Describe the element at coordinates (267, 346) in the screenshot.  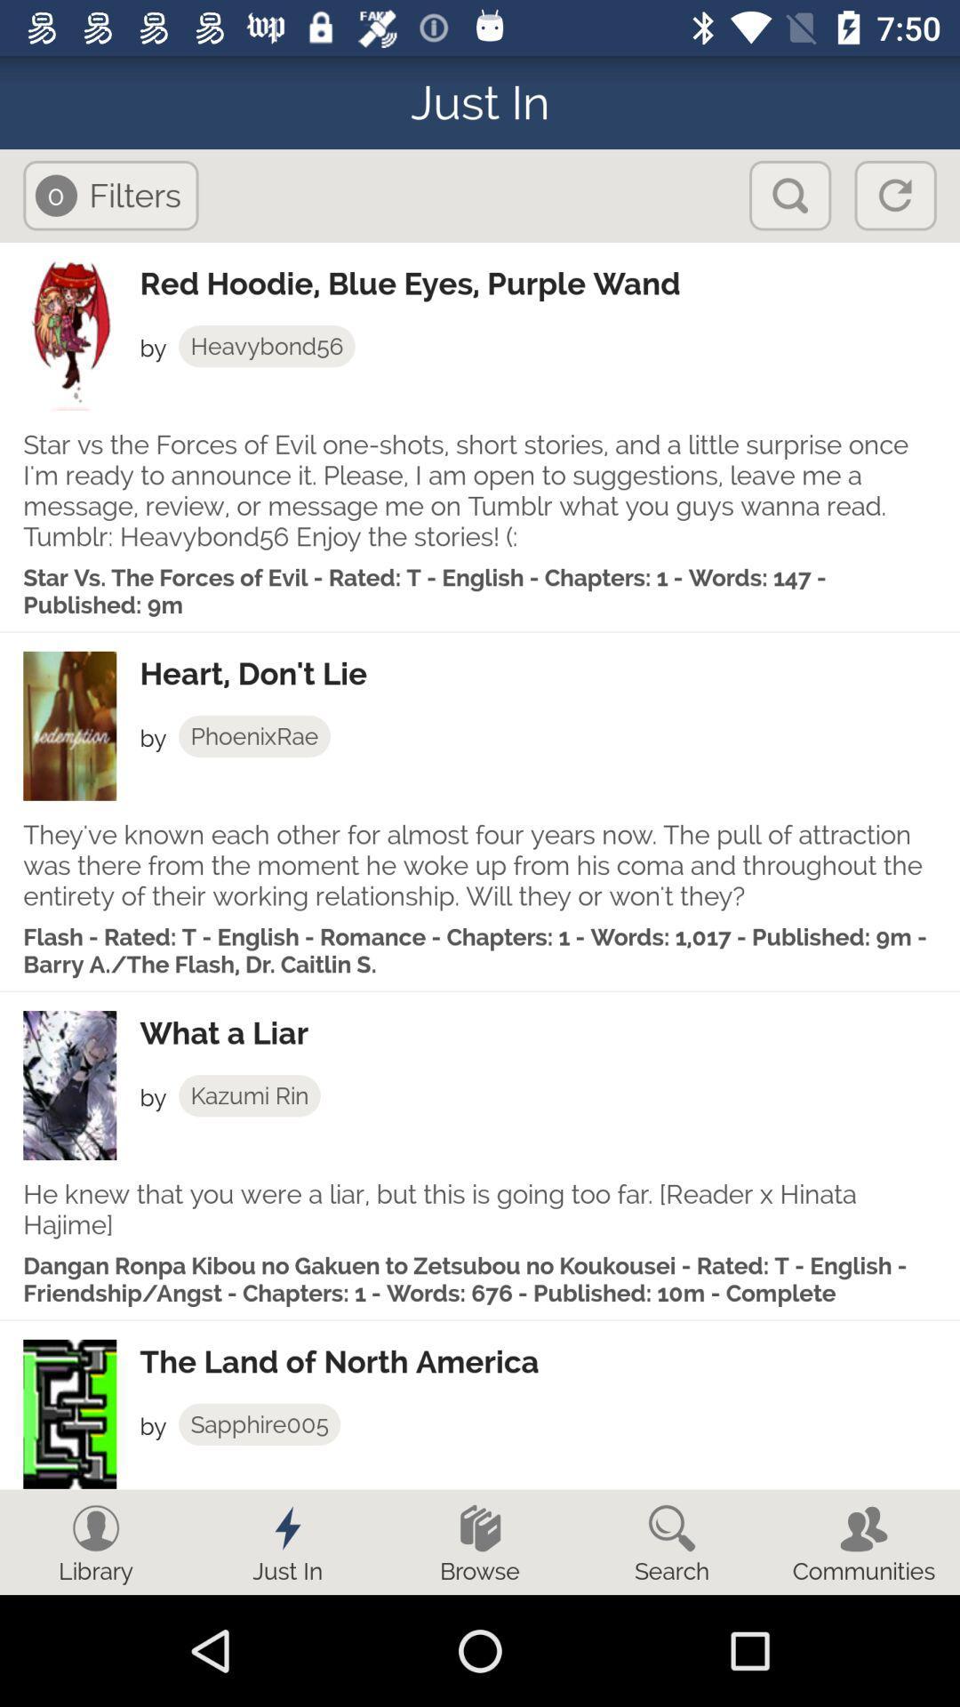
I see `app below red hoodie blue` at that location.